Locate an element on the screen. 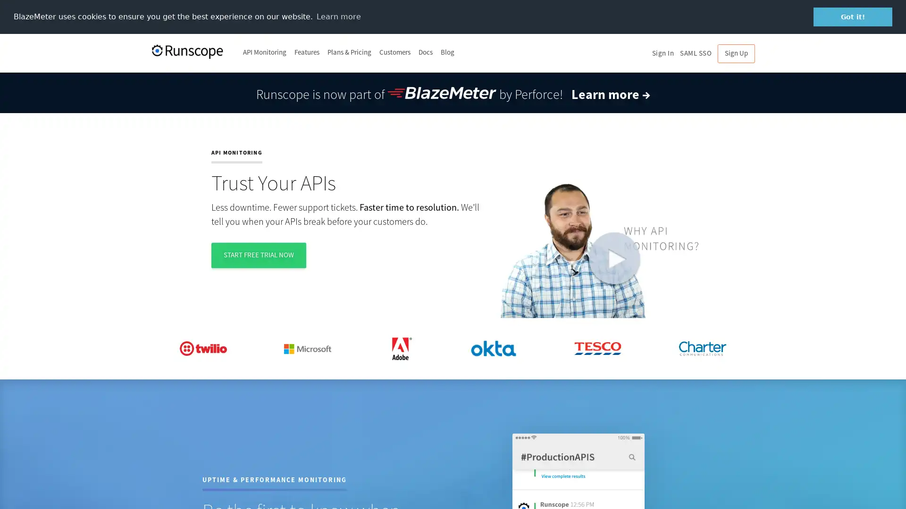  dismiss cookie message is located at coordinates (853, 16).